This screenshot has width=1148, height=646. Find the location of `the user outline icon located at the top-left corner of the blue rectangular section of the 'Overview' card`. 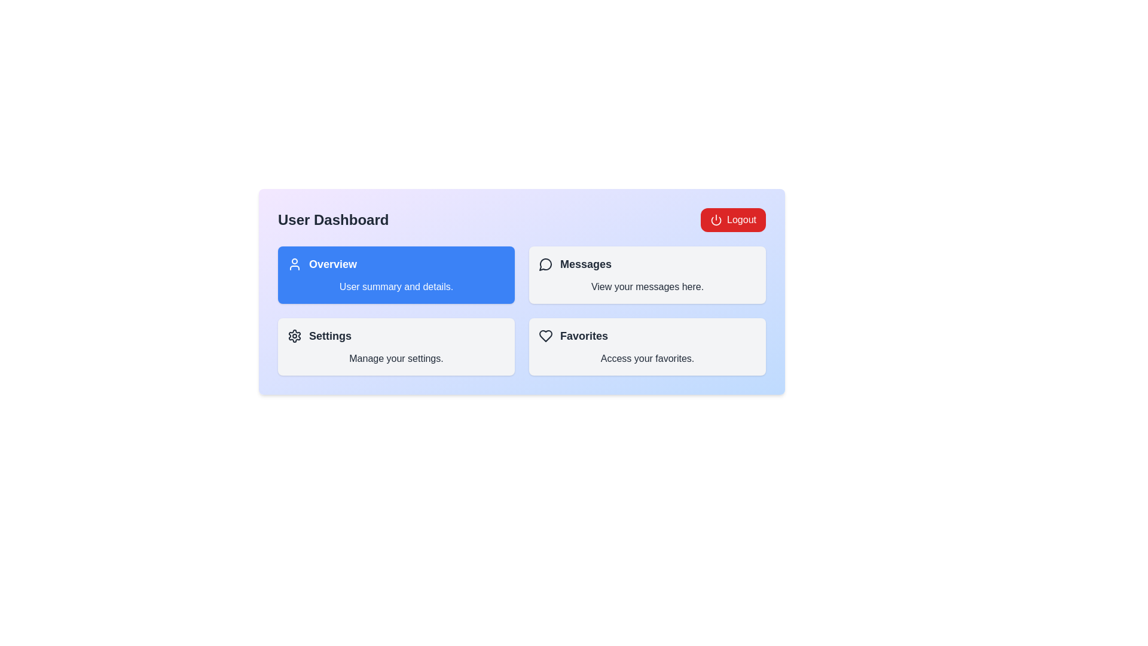

the user outline icon located at the top-left corner of the blue rectangular section of the 'Overview' card is located at coordinates (295, 264).